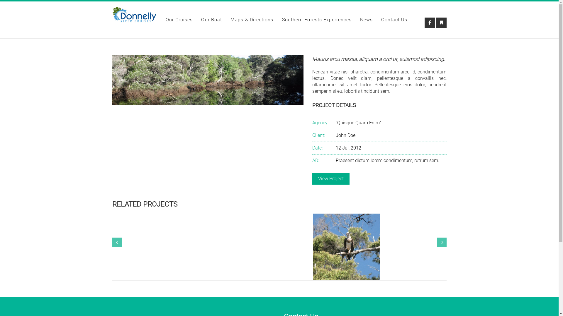 The width and height of the screenshot is (563, 316). What do you see at coordinates (381, 20) in the screenshot?
I see `'Contact Us'` at bounding box center [381, 20].